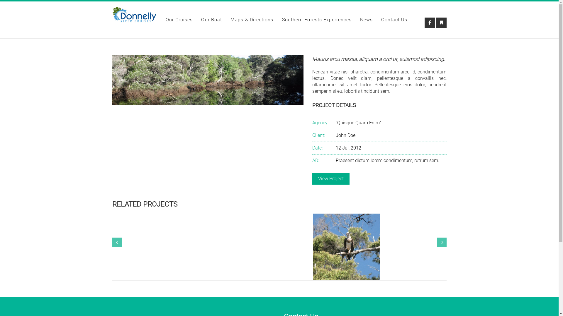 The width and height of the screenshot is (563, 316). What do you see at coordinates (381, 20) in the screenshot?
I see `'Contact Us'` at bounding box center [381, 20].